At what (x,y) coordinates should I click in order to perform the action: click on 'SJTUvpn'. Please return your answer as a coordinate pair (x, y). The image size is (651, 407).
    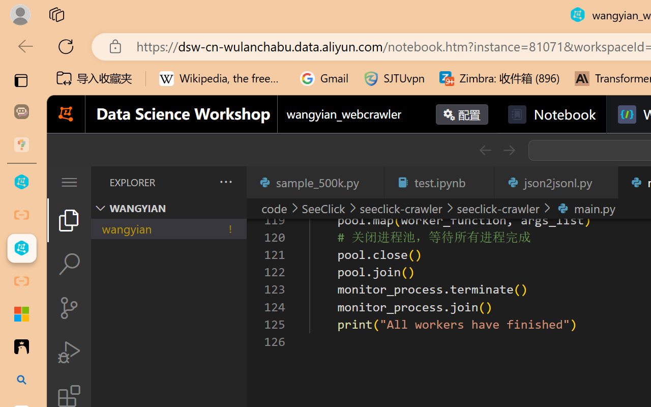
    Looking at the image, I should click on (393, 78).